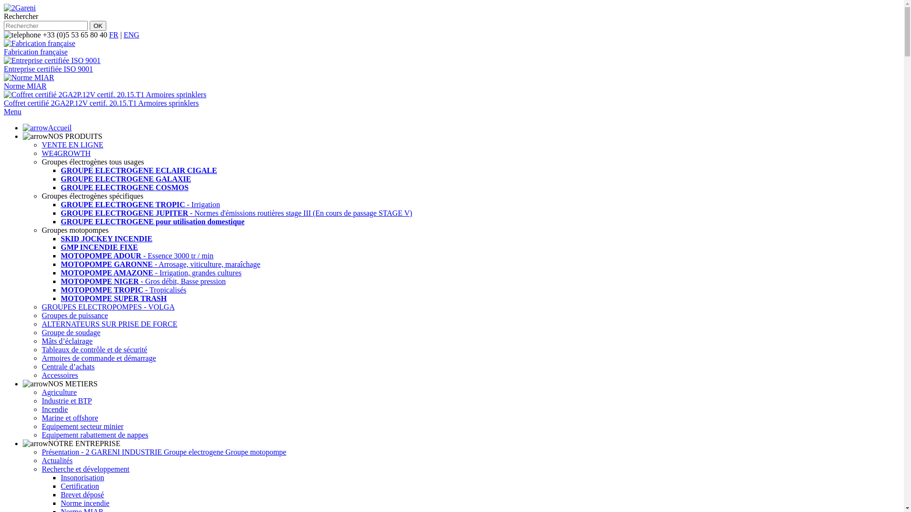 The height and width of the screenshot is (512, 911). Describe the element at coordinates (74, 230) in the screenshot. I see `'Groupes motopompes'` at that location.